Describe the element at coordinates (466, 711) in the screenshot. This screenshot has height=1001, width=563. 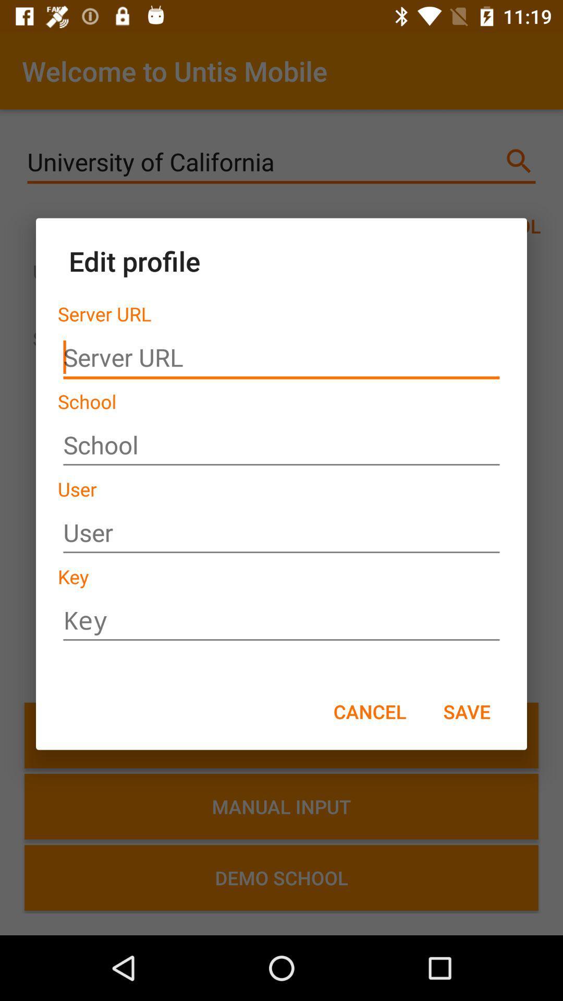
I see `save item` at that location.